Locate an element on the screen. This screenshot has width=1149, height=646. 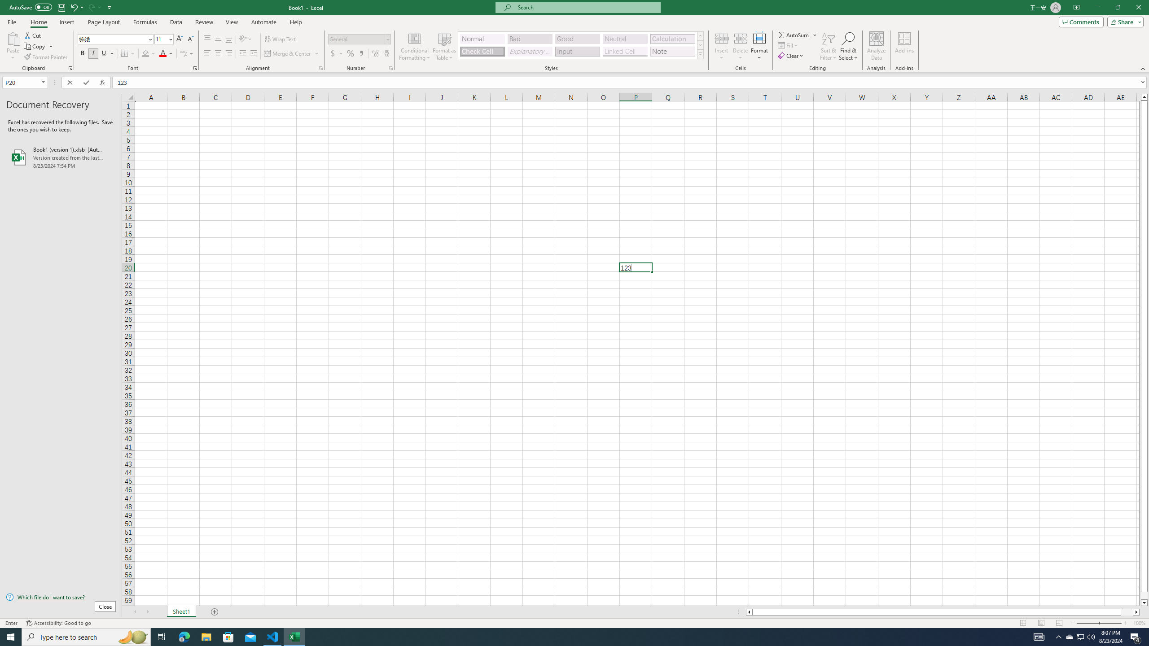
'Delete Cells...' is located at coordinates (740, 38).